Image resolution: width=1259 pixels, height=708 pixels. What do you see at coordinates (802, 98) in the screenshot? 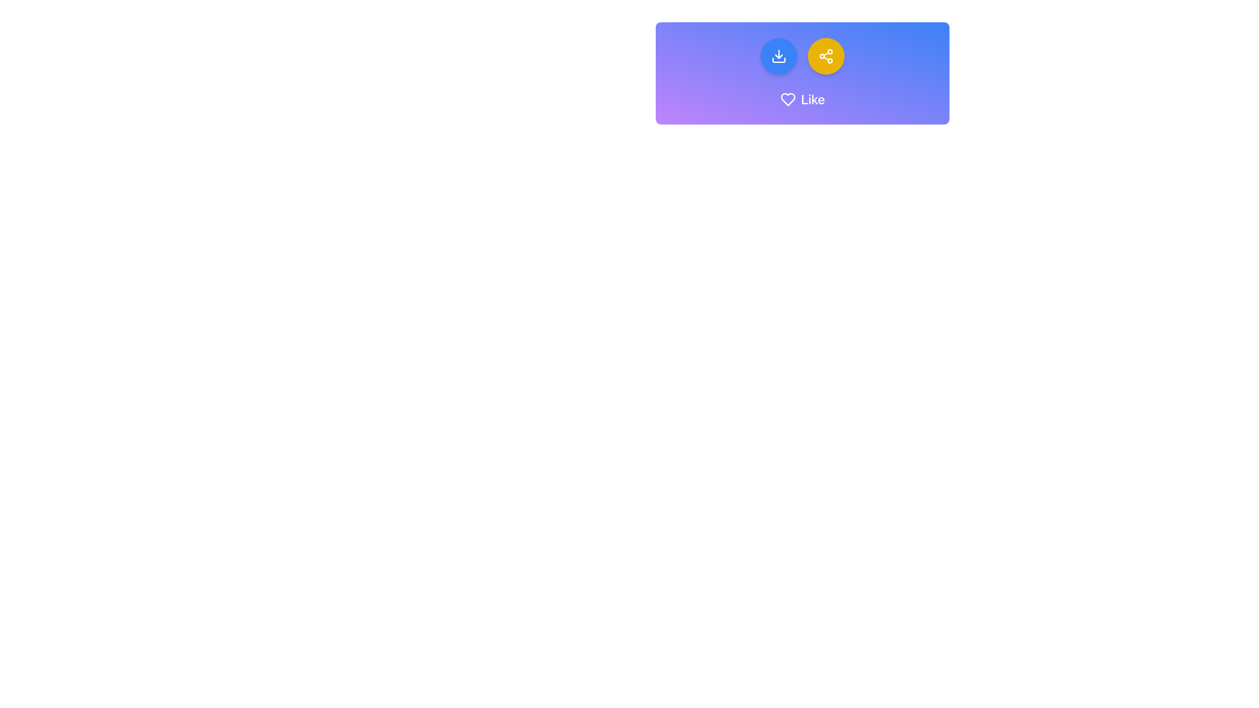
I see `the decorative label with an icon and text that indicates user appreciation, located beneath two circular buttons` at bounding box center [802, 98].